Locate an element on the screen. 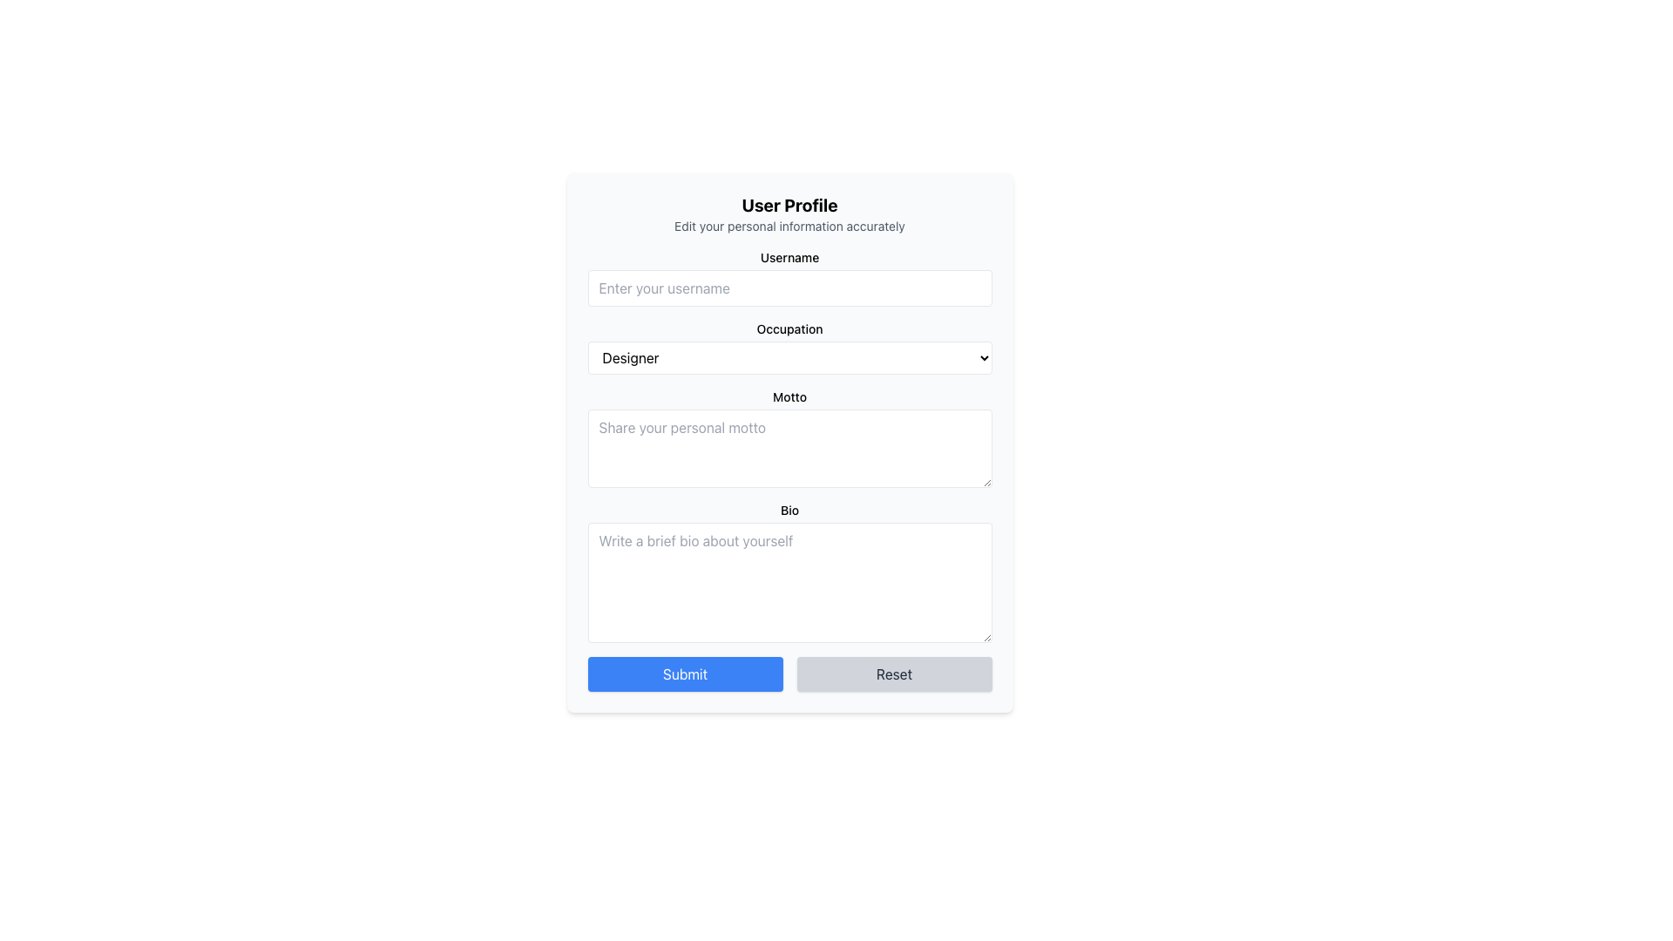 This screenshot has height=941, width=1673. the Text header with subtitle at the top of the form section within the modal dialogue to provide context and instructions to the user is located at coordinates (789, 213).